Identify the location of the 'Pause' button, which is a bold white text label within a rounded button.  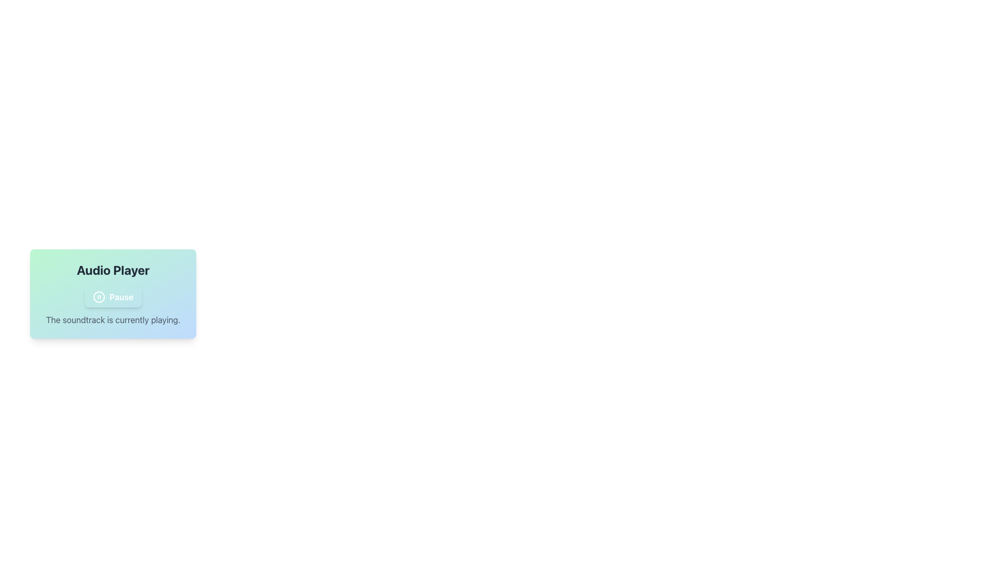
(122, 297).